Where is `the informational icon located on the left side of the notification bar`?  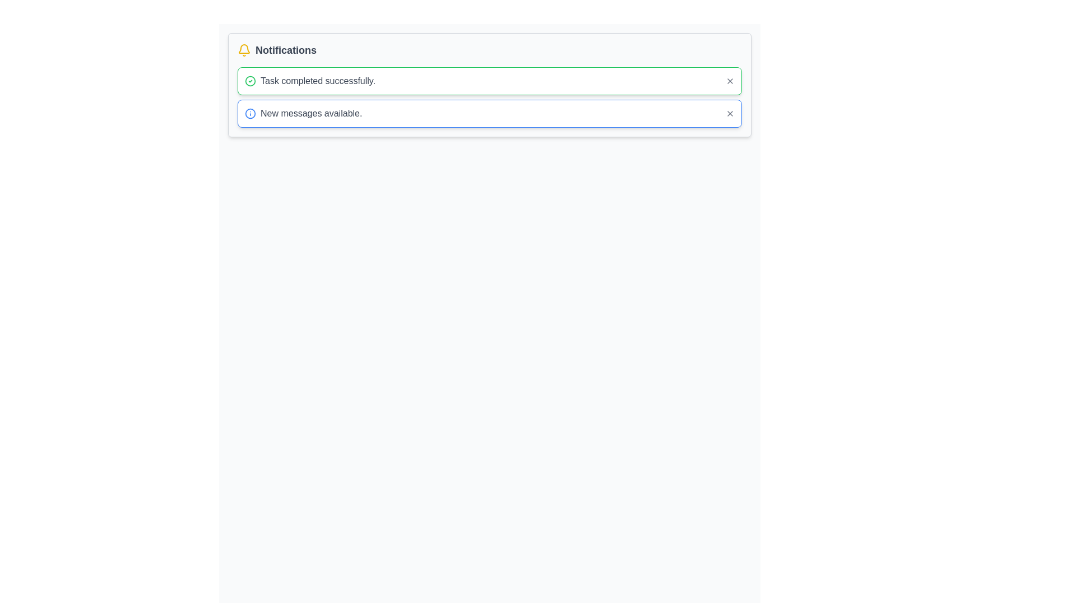 the informational icon located on the left side of the notification bar is located at coordinates (249, 114).